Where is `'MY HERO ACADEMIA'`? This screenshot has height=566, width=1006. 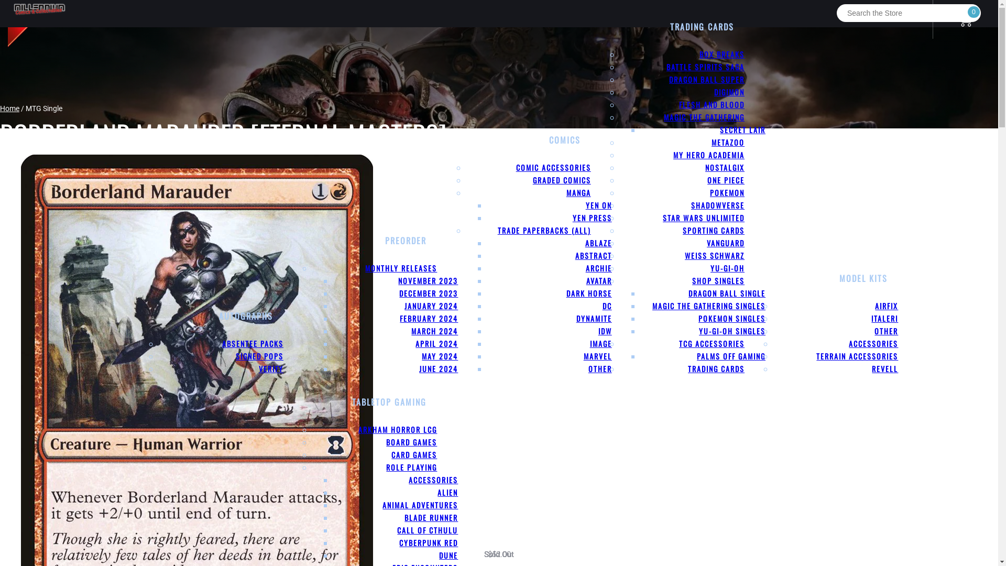
'MY HERO ACADEMIA' is located at coordinates (673, 155).